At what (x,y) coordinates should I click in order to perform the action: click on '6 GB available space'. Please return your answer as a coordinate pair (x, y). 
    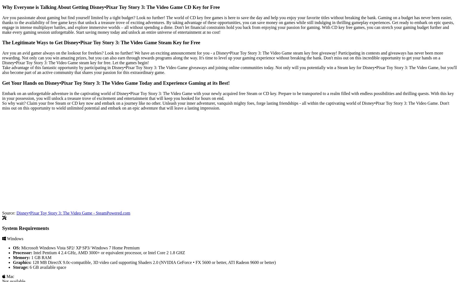
    Looking at the image, I should click on (47, 267).